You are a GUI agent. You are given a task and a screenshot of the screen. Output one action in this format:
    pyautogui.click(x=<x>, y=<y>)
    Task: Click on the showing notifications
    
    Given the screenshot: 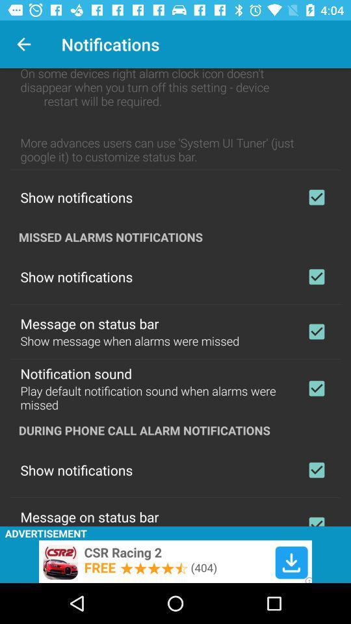 What is the action you would take?
    pyautogui.click(x=316, y=276)
    